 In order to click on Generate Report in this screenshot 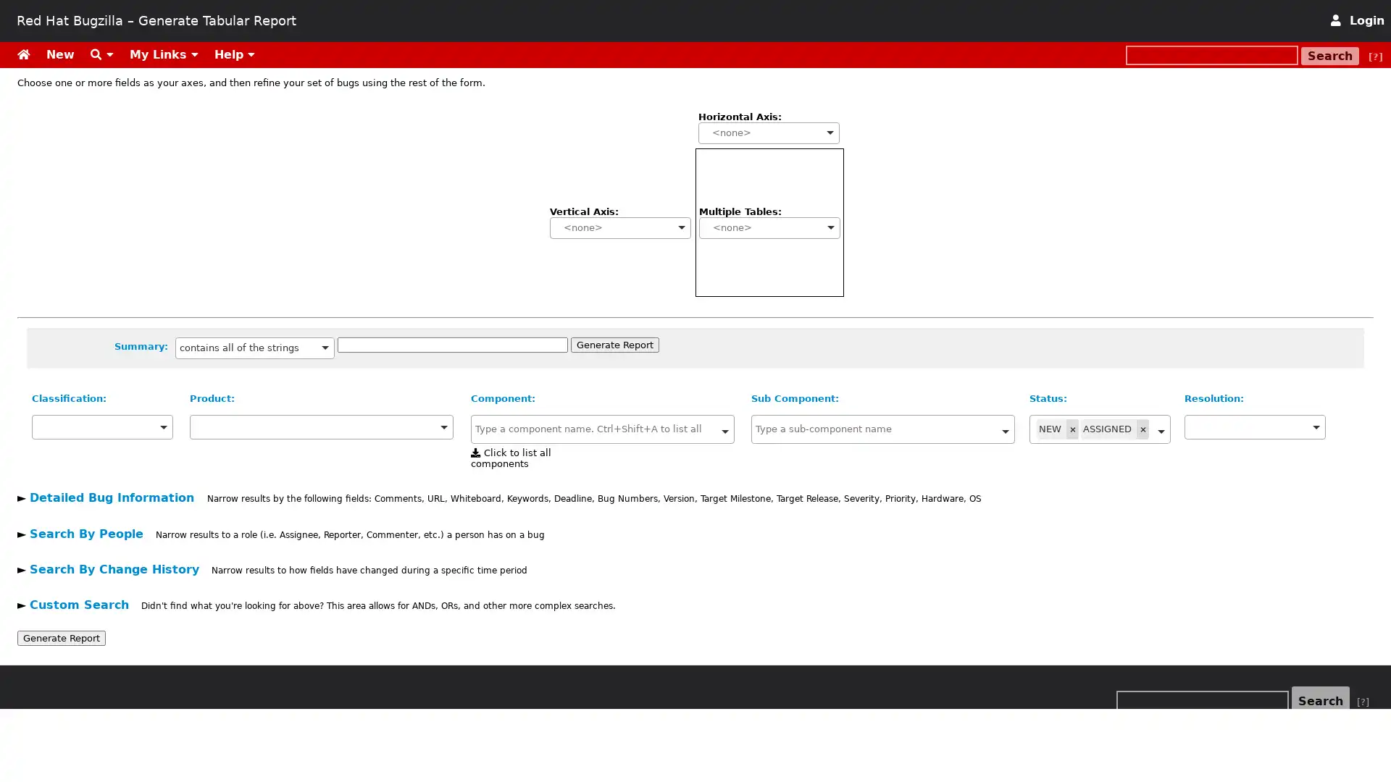, I will do `click(614, 344)`.